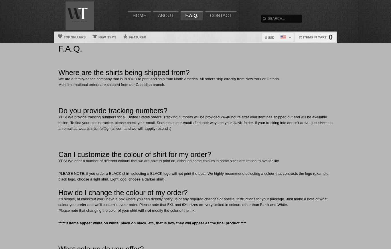  Describe the element at coordinates (195, 122) in the screenshot. I see `'YES! We provide tracking numbers for all United States orders! Tracking numbers will be provided 24-48 hours after your item has shipped out and will be available online. To find your status tracker, please check your email. Sometimes our emails find their way into your JUNK folder. If your tracking info doesn't arrive, just shoot us an email at: weartshirtsinfo@gmail.com and we will happily resend :)'` at that location.